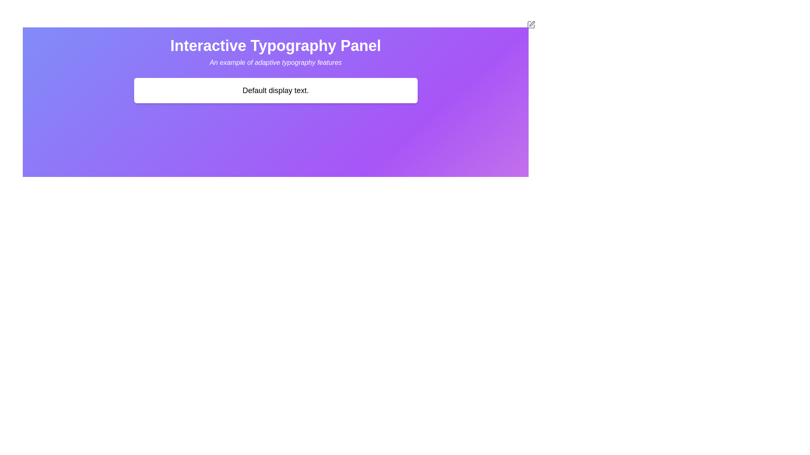 This screenshot has width=810, height=455. I want to click on the Static text display area which contains the text 'Default display text.' located centrally below the header 'Interactive Typography Panel', so click(275, 91).